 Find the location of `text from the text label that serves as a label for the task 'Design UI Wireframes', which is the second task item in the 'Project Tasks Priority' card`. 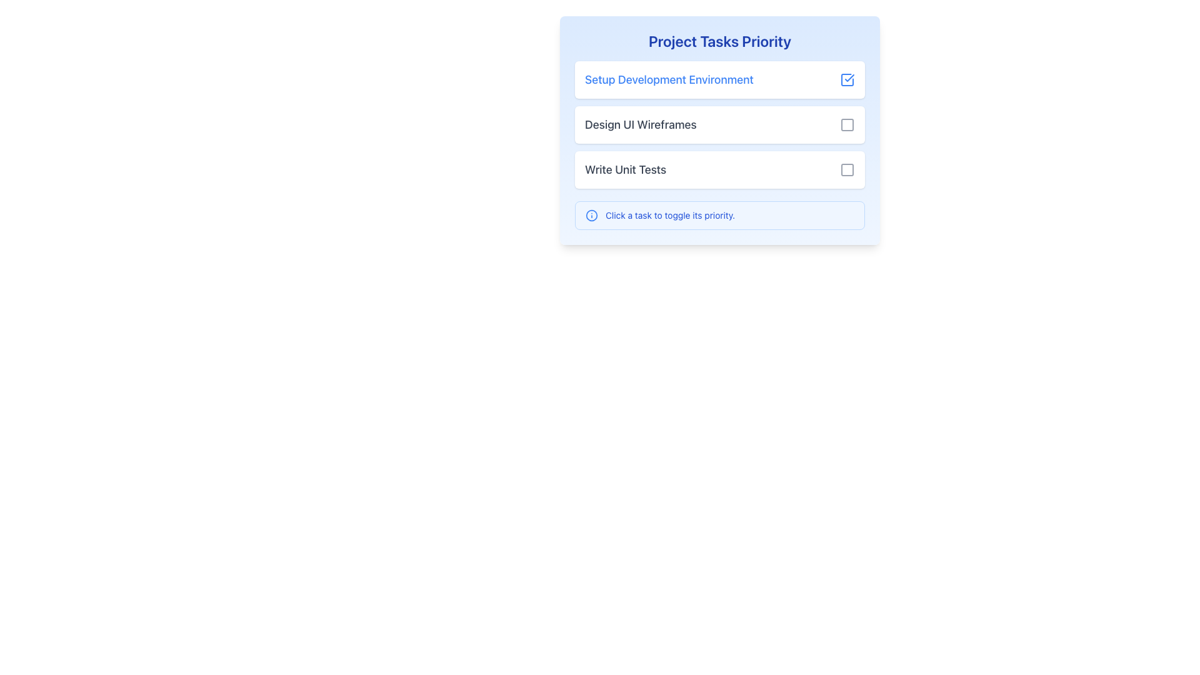

text from the text label that serves as a label for the task 'Design UI Wireframes', which is the second task item in the 'Project Tasks Priority' card is located at coordinates (641, 125).